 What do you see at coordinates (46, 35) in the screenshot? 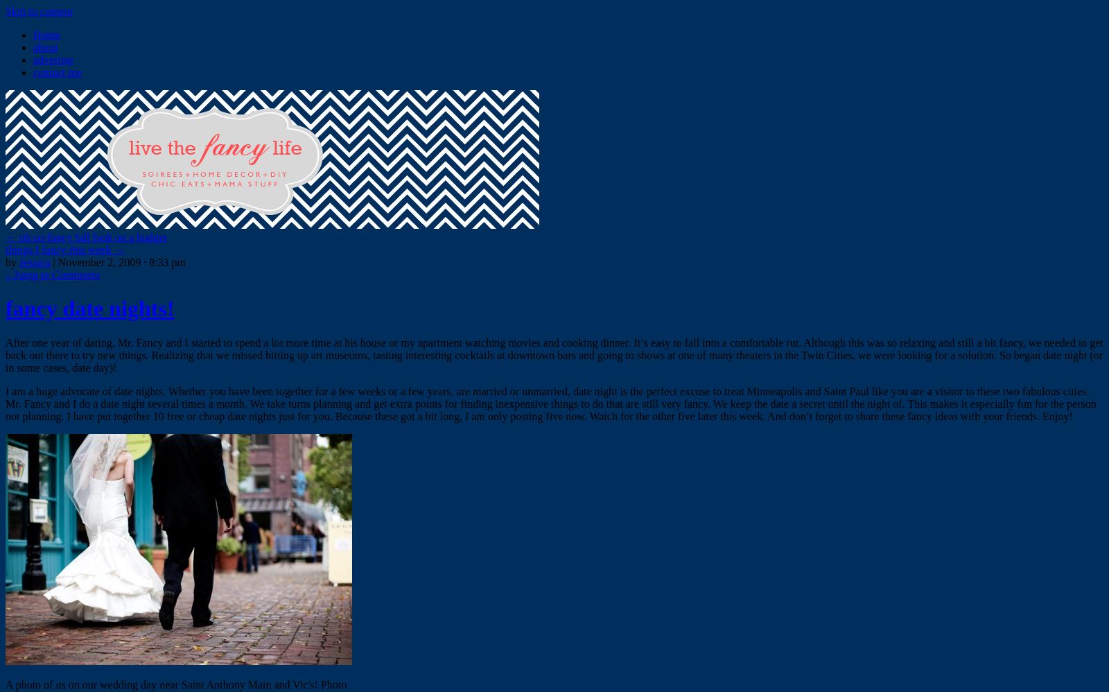
I see `'Home'` at bounding box center [46, 35].